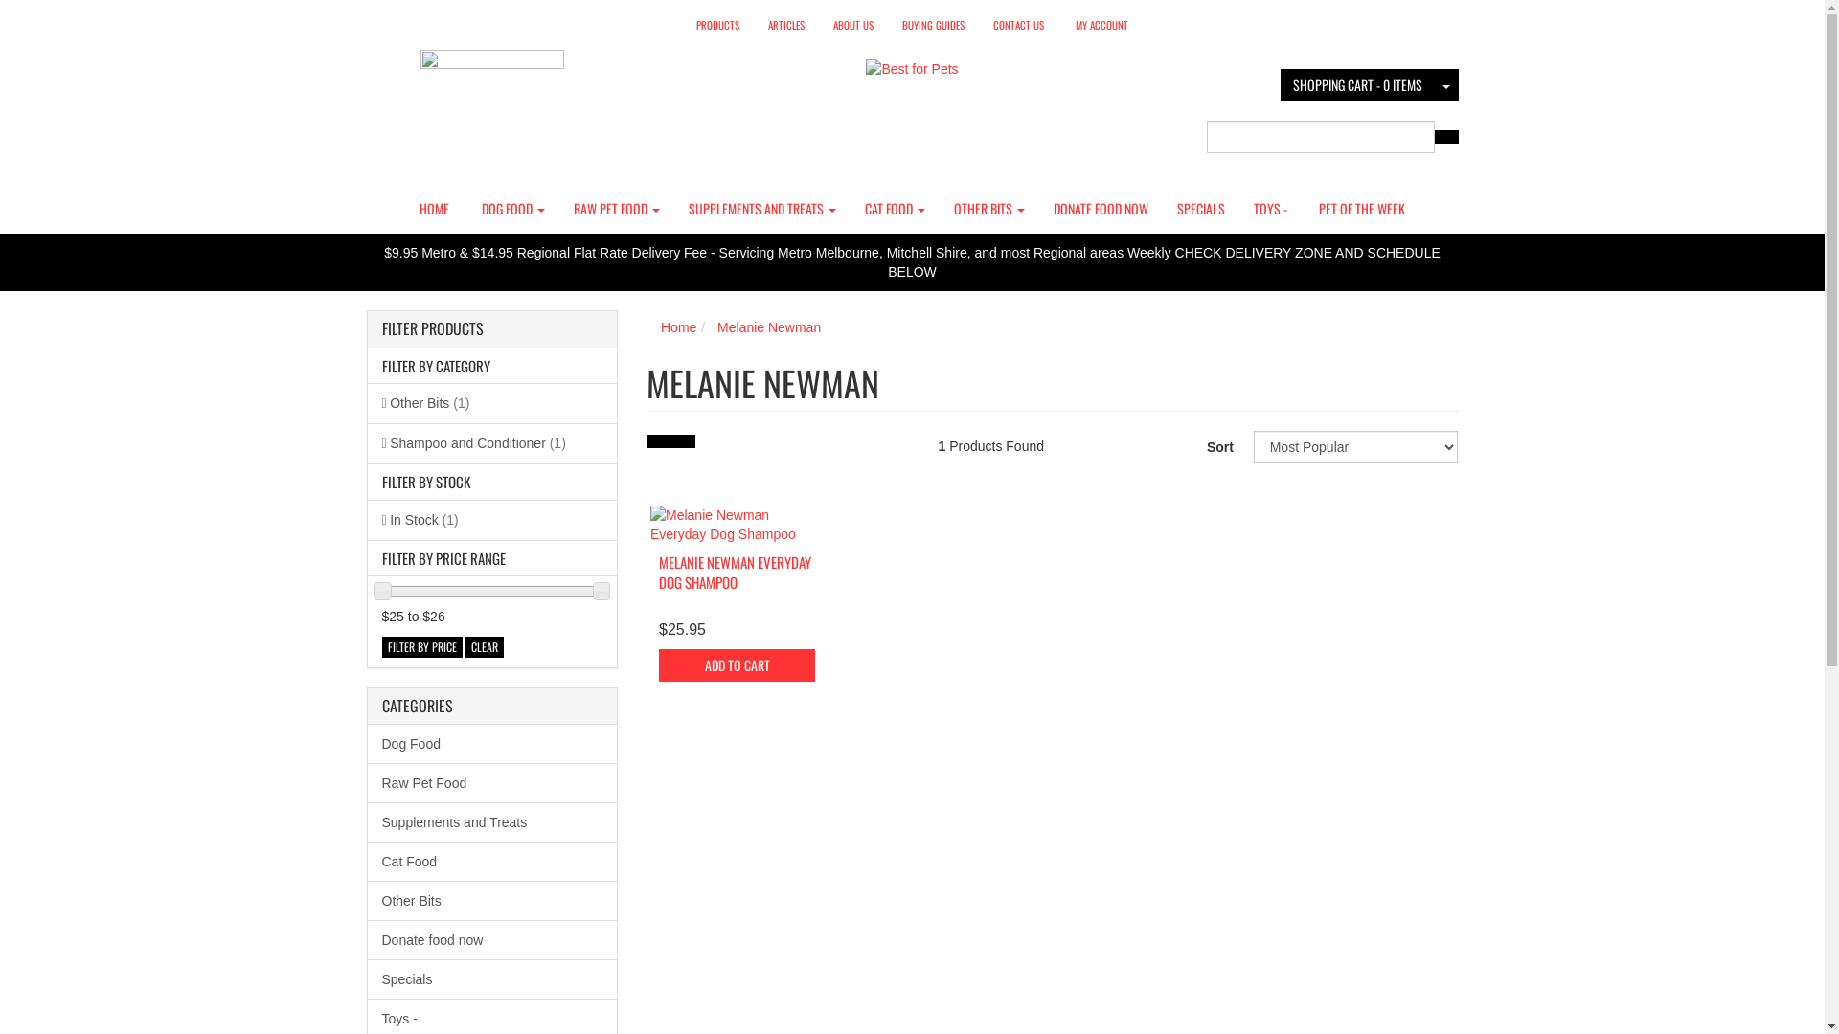 This screenshot has height=1034, width=1839. Describe the element at coordinates (933, 25) in the screenshot. I see `'BUYING GUIDES'` at that location.